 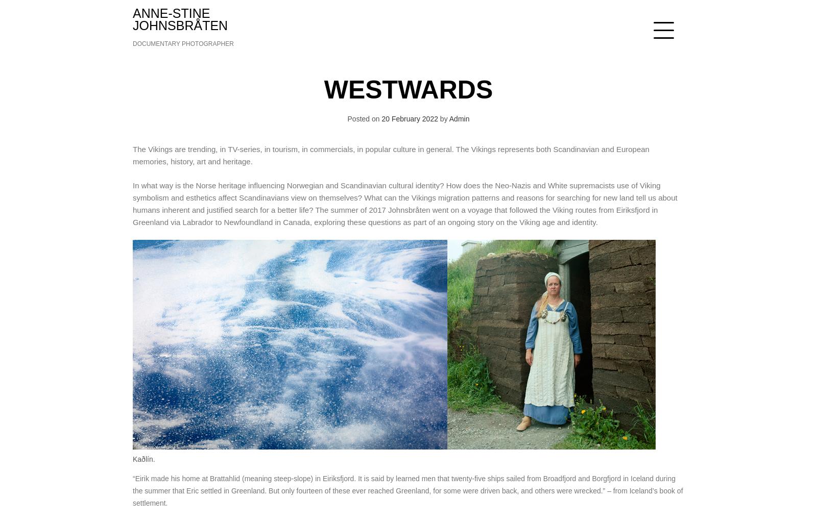 What do you see at coordinates (143, 458) in the screenshot?
I see `'Kaðlín.'` at bounding box center [143, 458].